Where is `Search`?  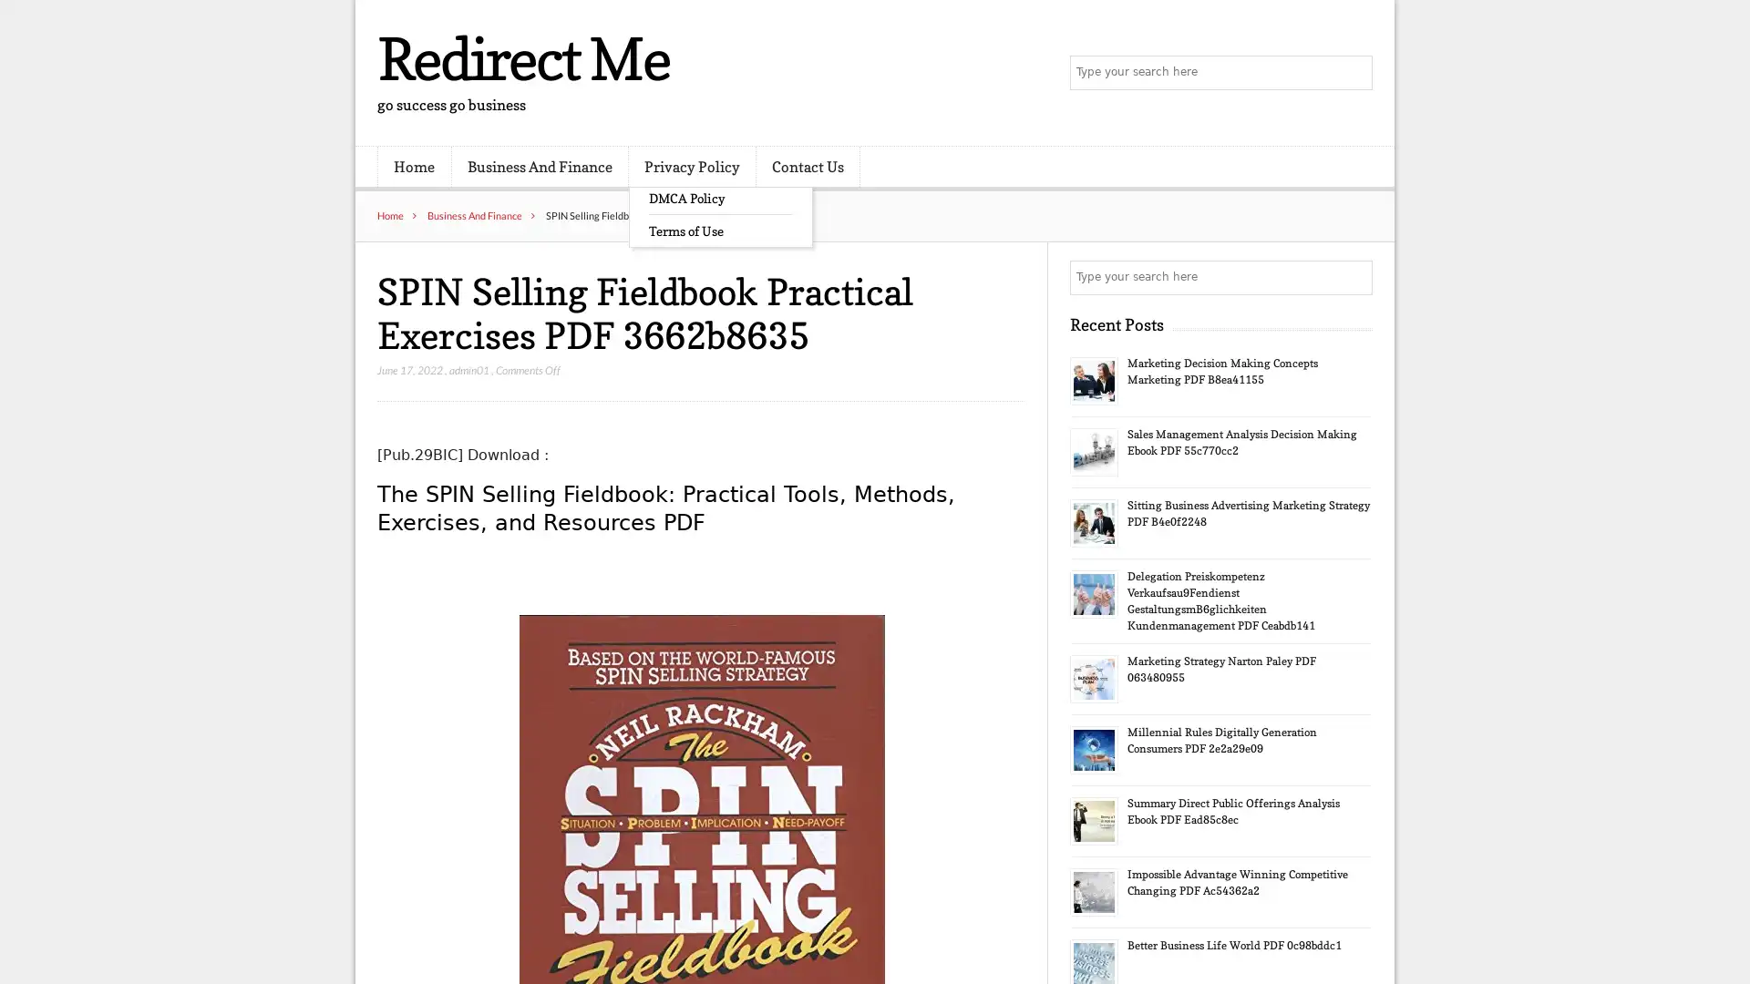 Search is located at coordinates (1354, 73).